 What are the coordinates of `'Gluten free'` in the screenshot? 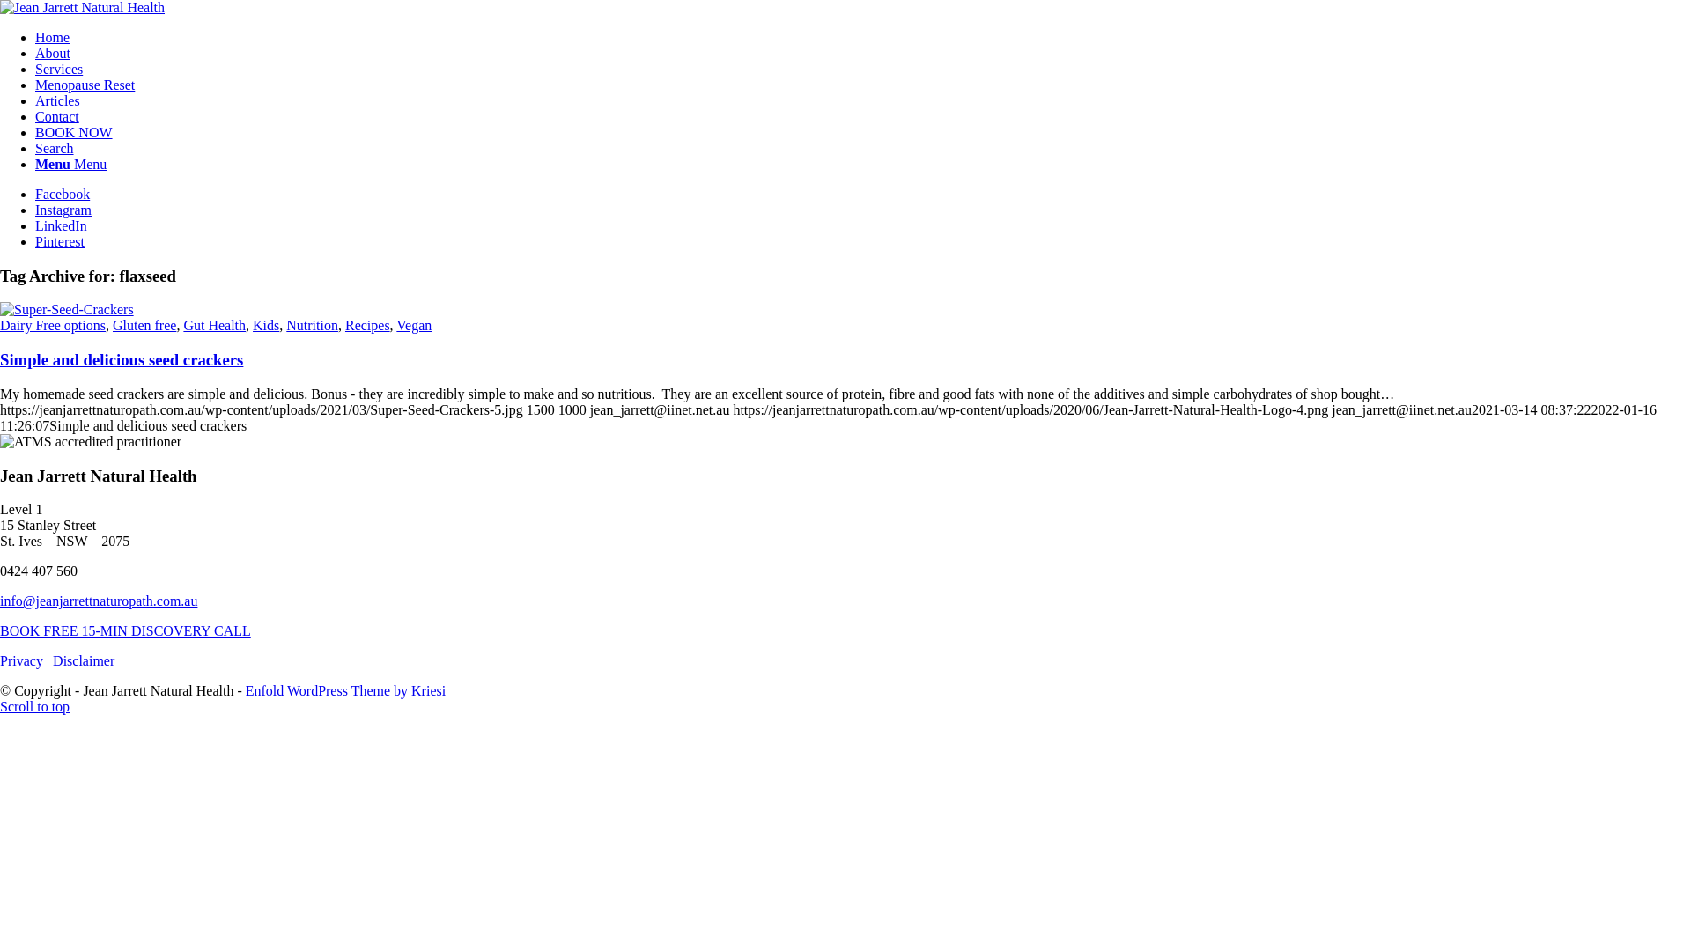 It's located at (144, 325).